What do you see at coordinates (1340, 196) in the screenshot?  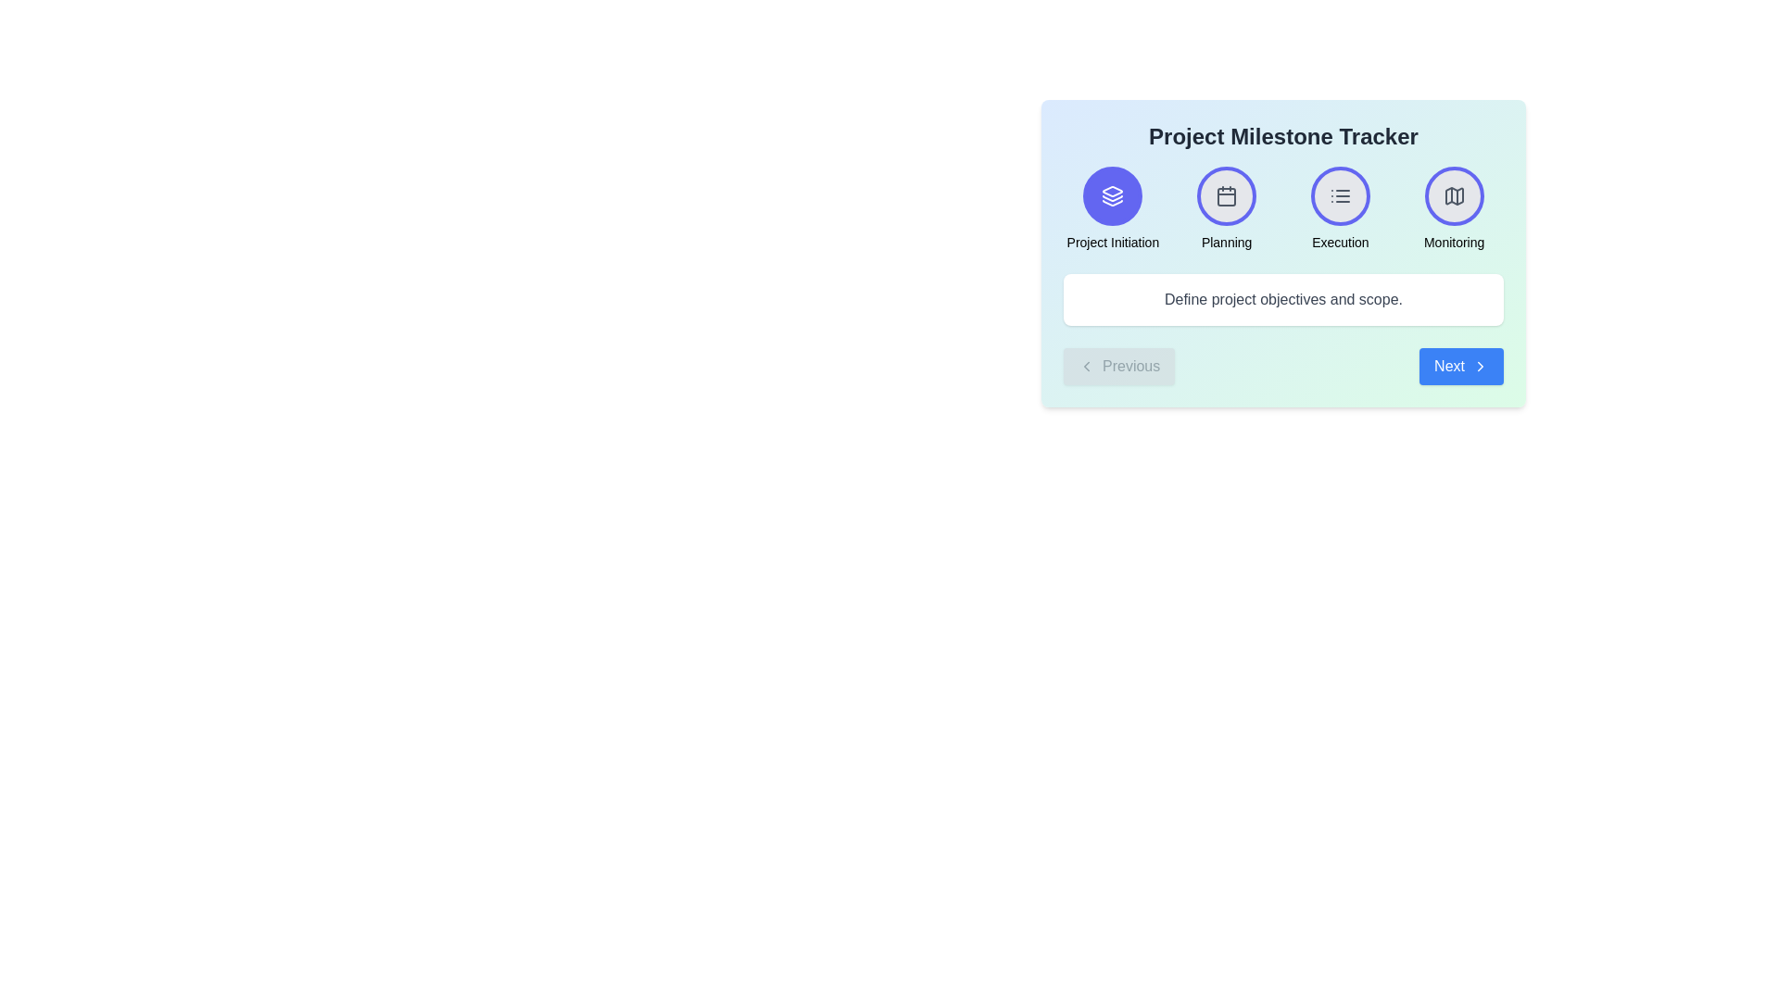 I see `the circular button with a light grey background and blue border, which contains a list icon, located beneath the 'Execution' heading in the 'Project Milestone Tracker' interface` at bounding box center [1340, 196].